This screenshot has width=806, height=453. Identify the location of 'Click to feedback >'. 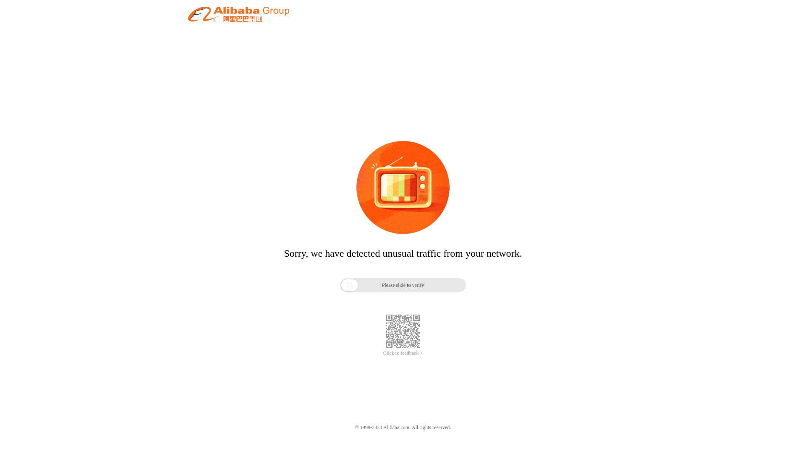
(403, 353).